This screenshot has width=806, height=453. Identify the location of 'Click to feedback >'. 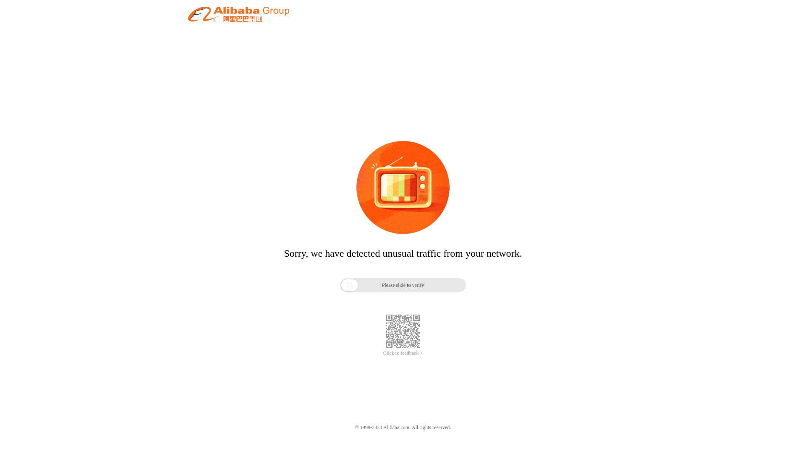
(403, 353).